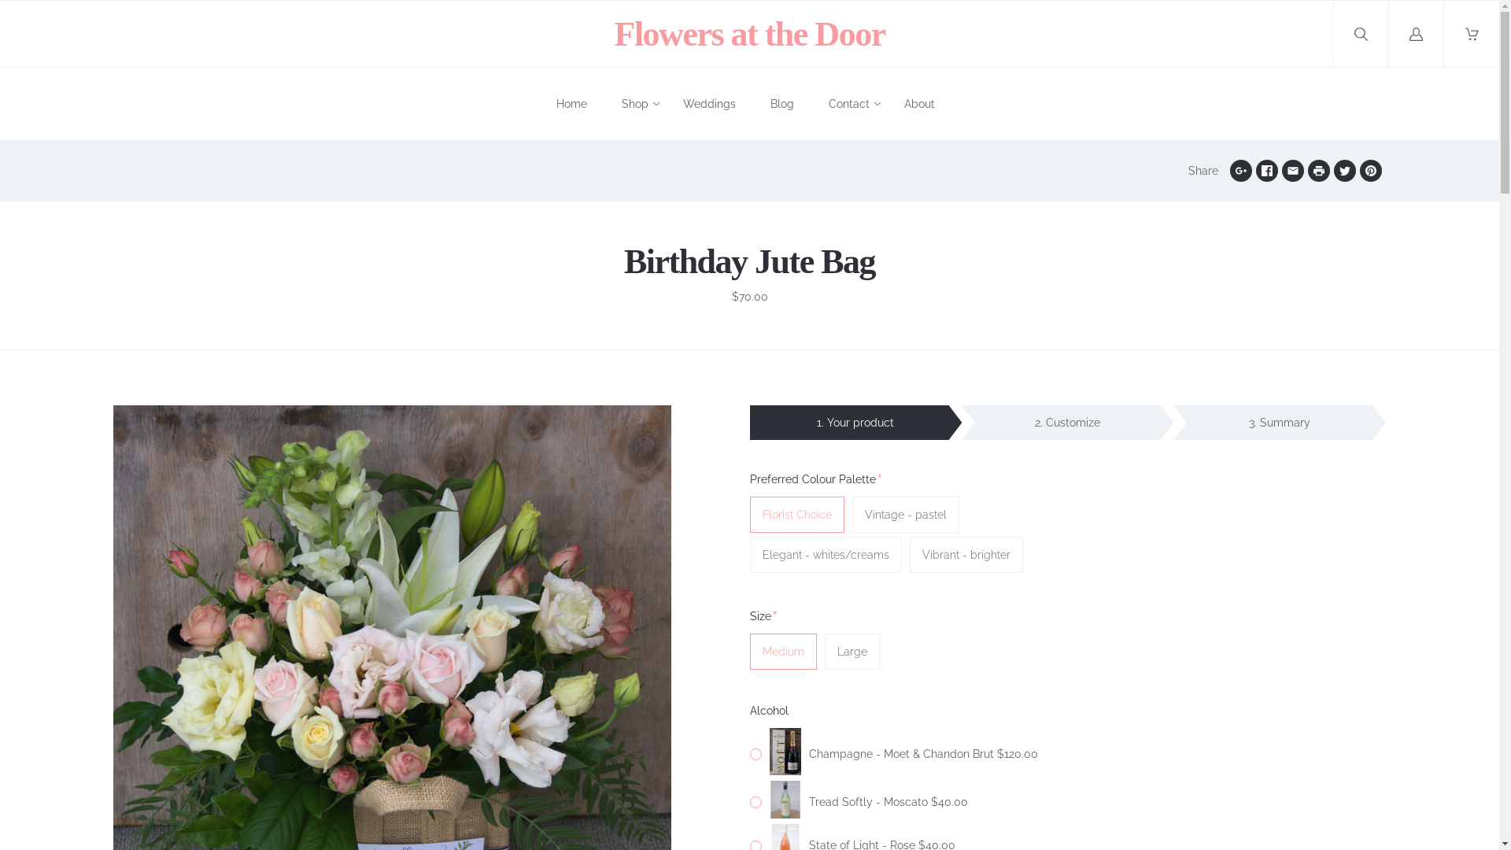  What do you see at coordinates (919, 104) in the screenshot?
I see `'About'` at bounding box center [919, 104].